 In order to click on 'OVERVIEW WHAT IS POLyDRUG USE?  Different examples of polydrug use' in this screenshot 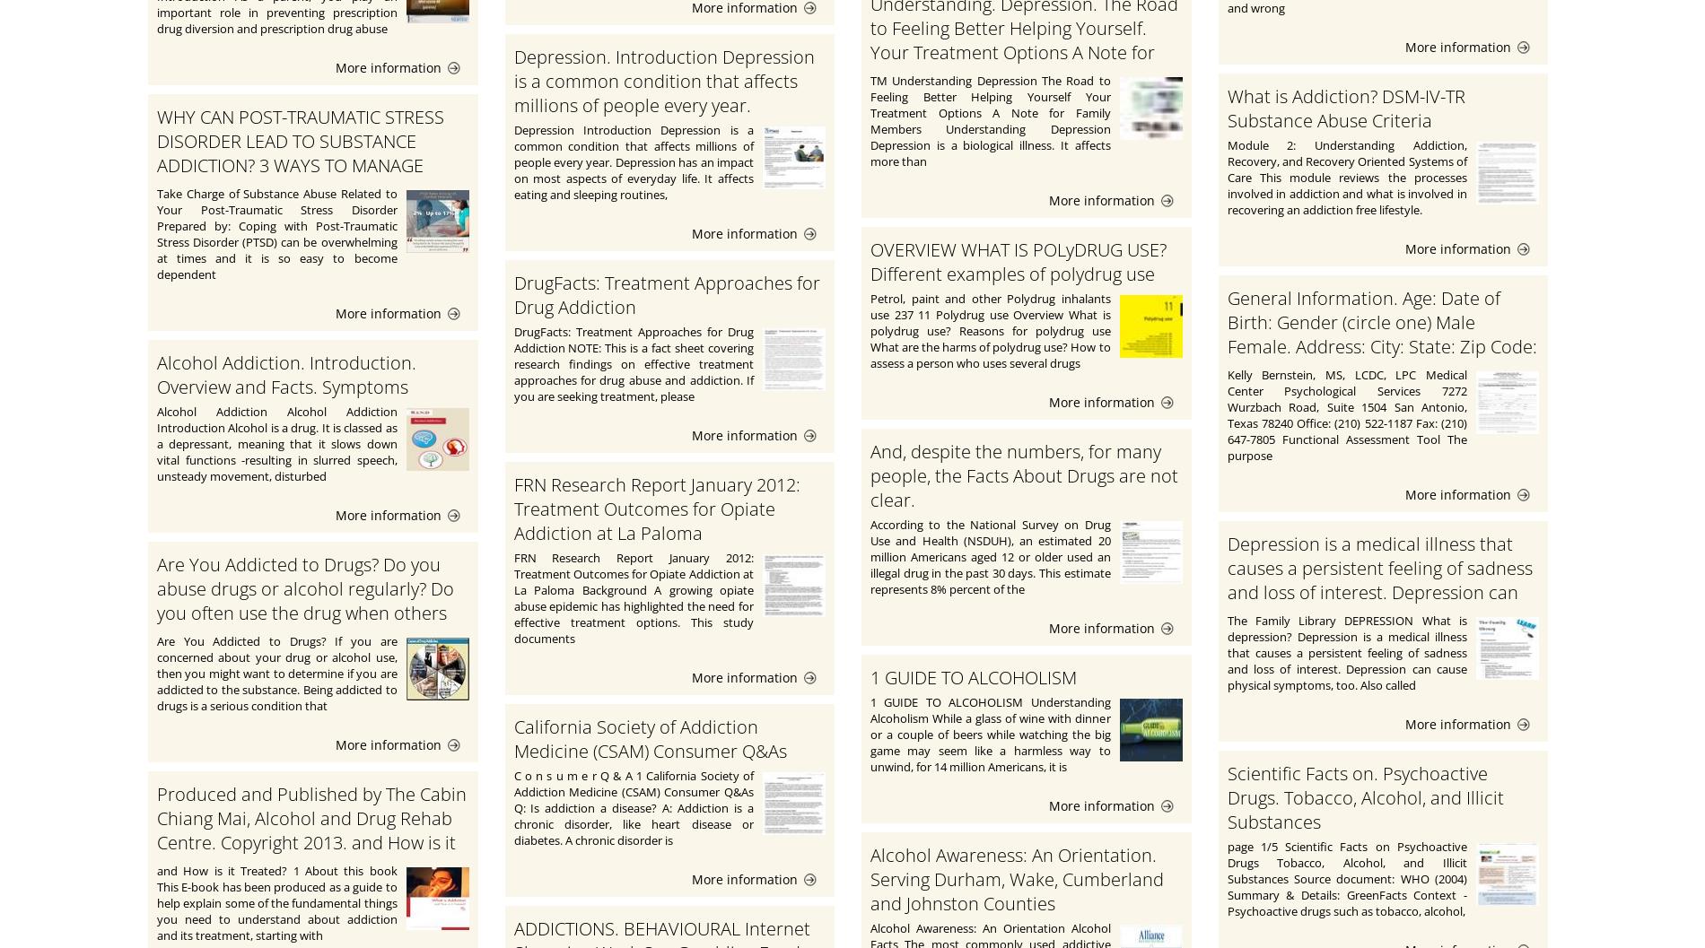, I will do `click(1019, 261)`.